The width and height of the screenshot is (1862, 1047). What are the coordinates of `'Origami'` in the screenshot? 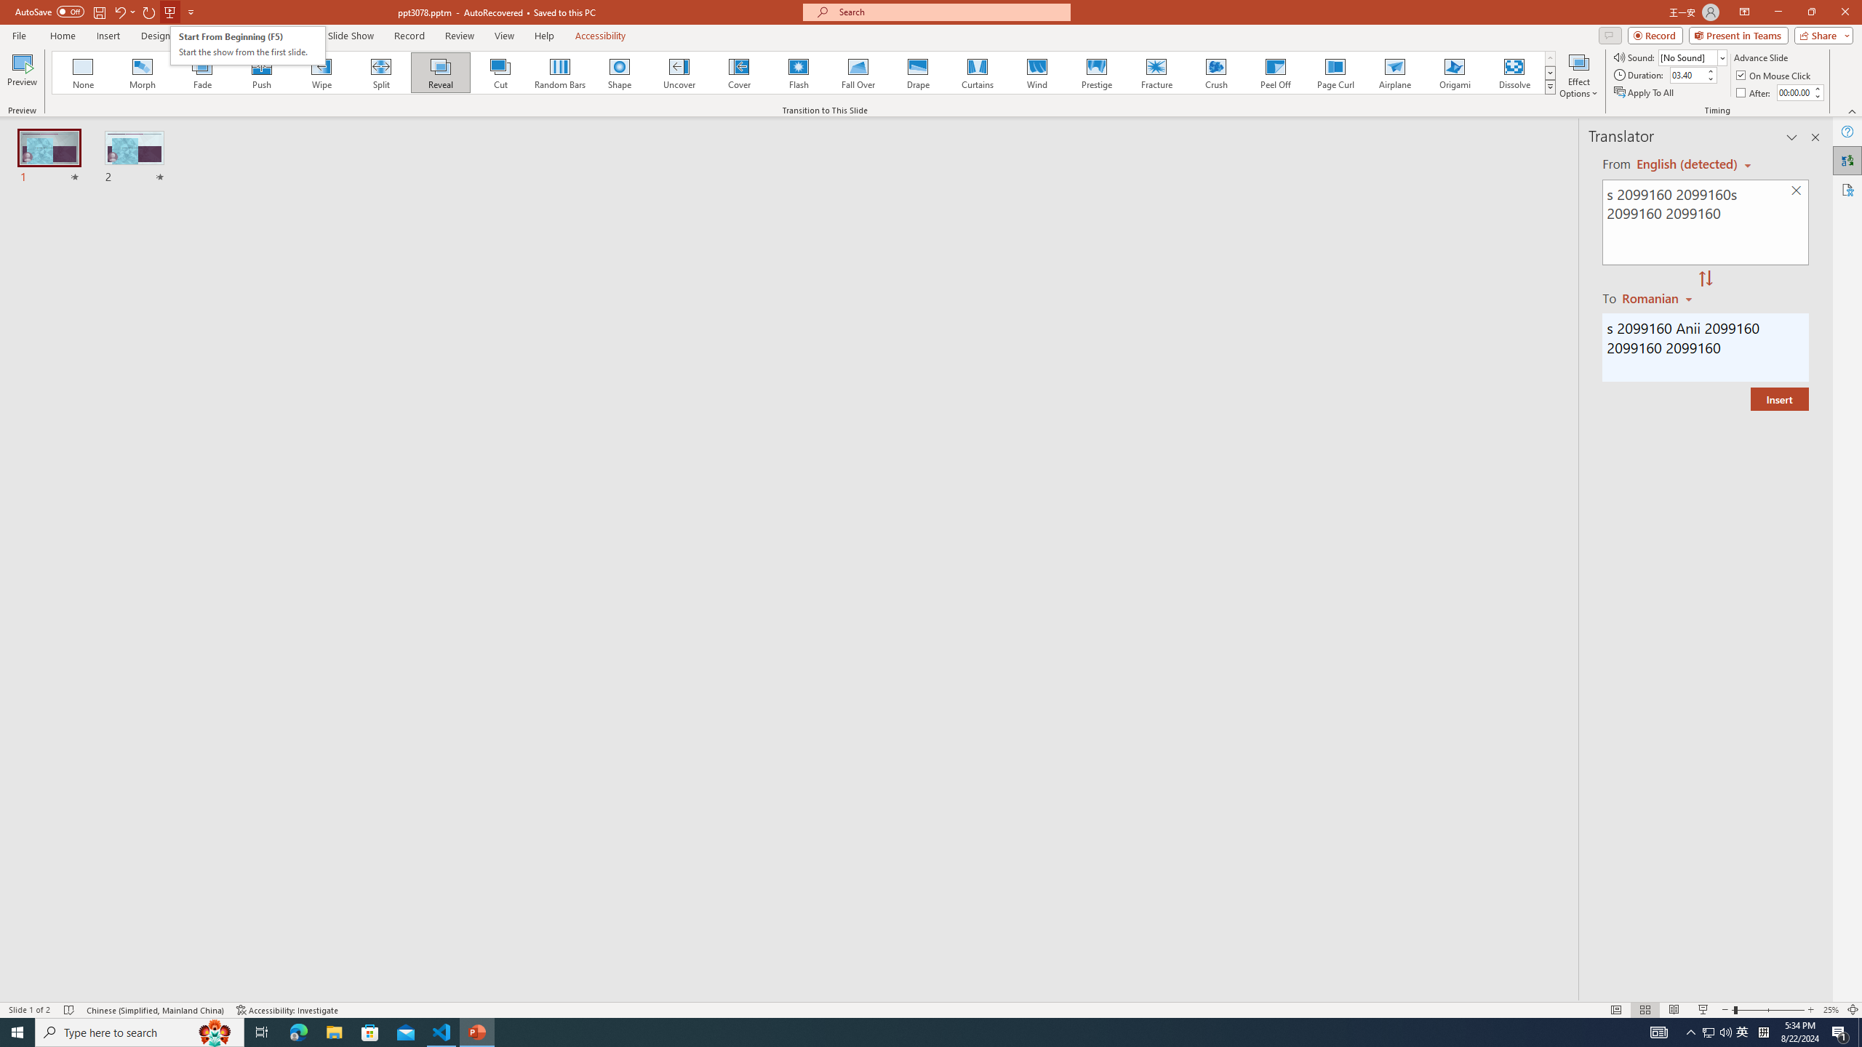 It's located at (1453, 72).